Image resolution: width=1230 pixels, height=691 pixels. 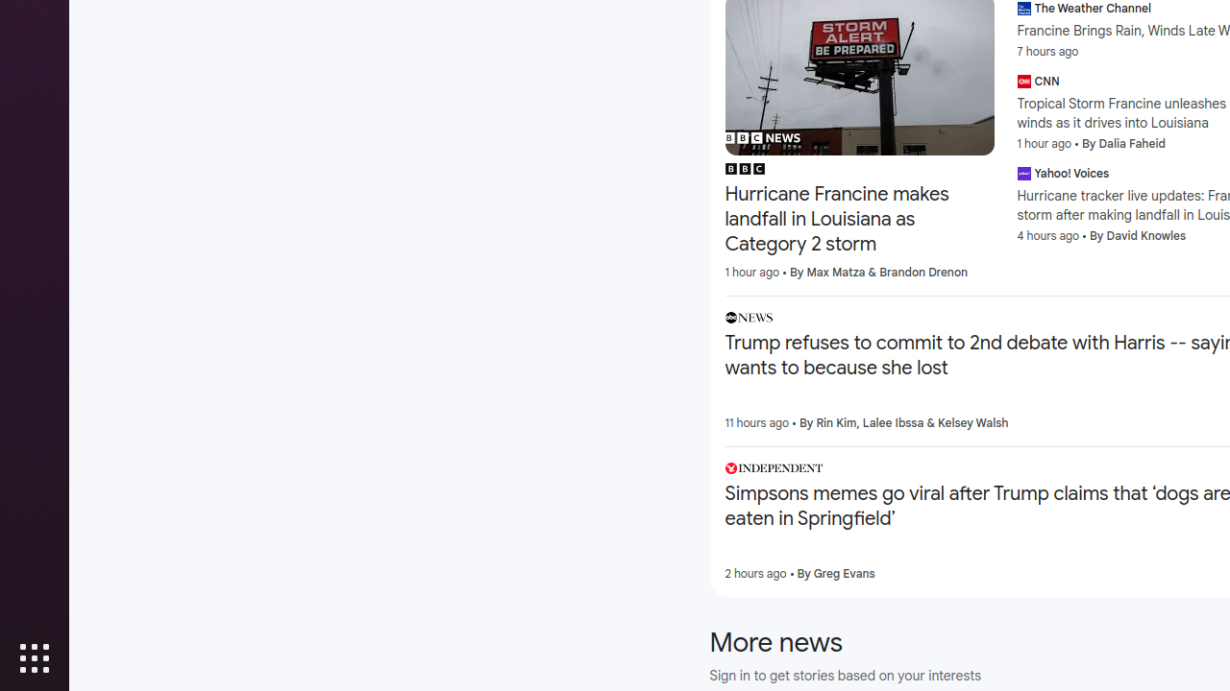 I want to click on 'Hurricane Francine makes landfall in Louisiana as Category 2 storm', so click(x=858, y=219).